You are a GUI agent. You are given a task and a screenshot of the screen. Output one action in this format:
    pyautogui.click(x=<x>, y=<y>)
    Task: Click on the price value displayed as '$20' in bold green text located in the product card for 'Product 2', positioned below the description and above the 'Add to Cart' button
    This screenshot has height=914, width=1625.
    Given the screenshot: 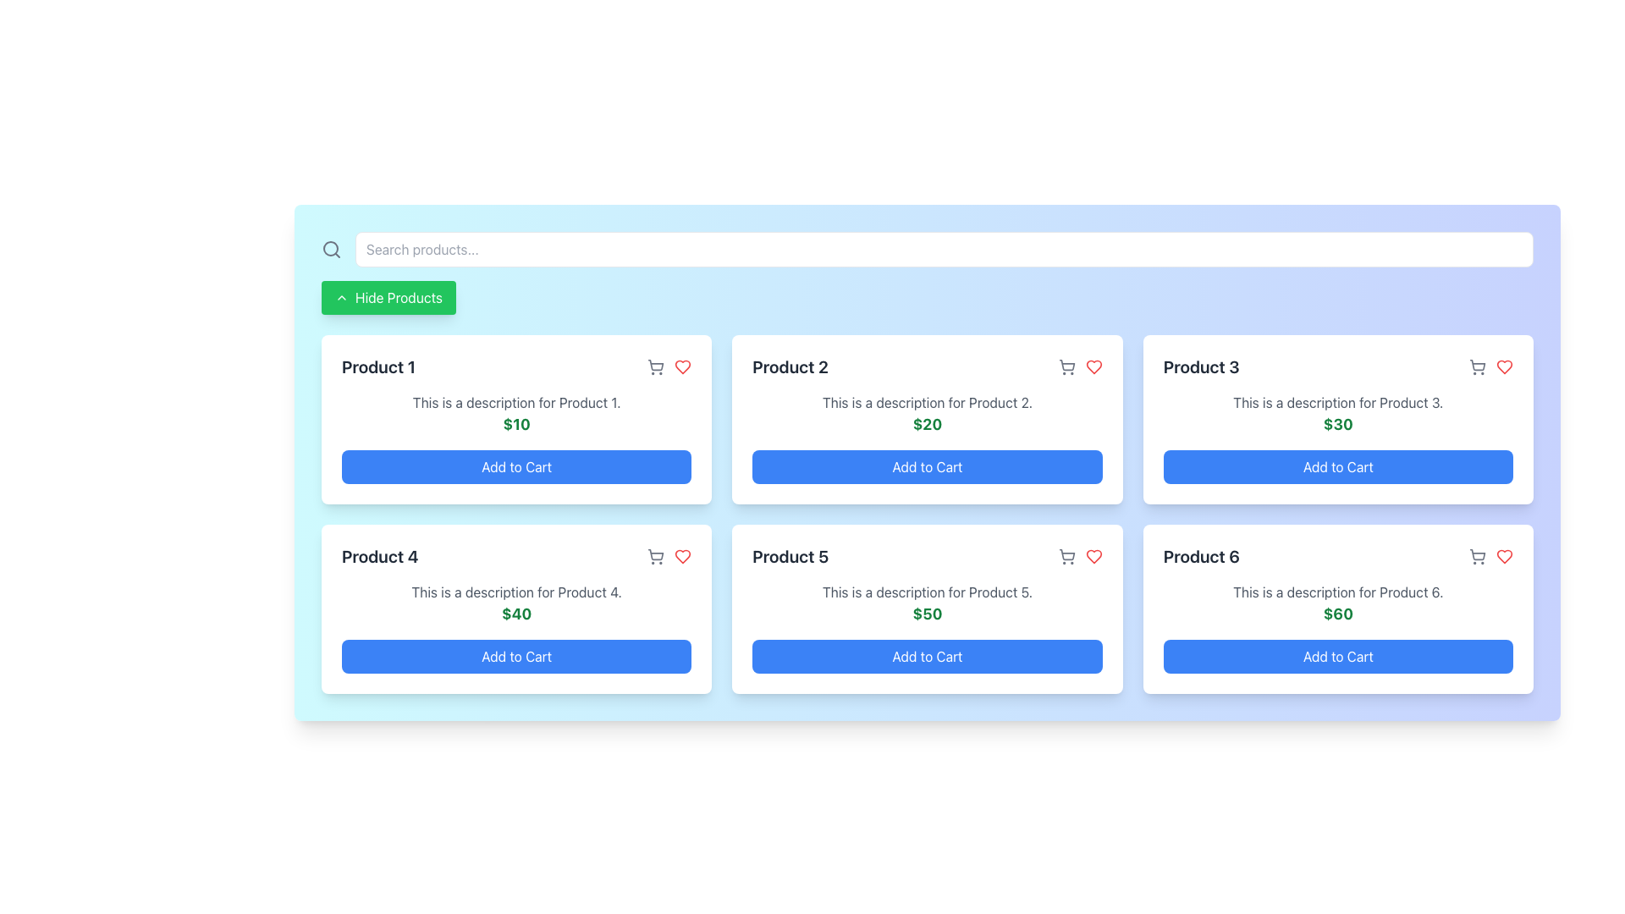 What is the action you would take?
    pyautogui.click(x=926, y=423)
    